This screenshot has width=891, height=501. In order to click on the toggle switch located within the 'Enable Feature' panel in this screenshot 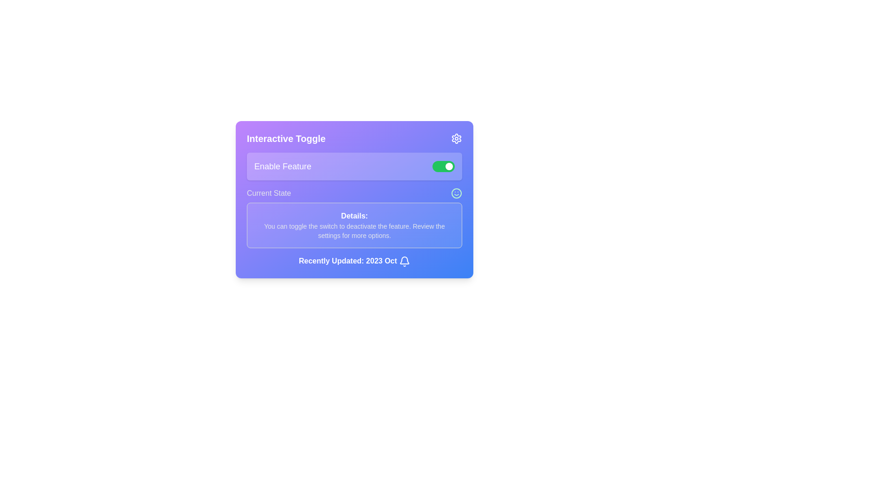, I will do `click(443, 166)`.